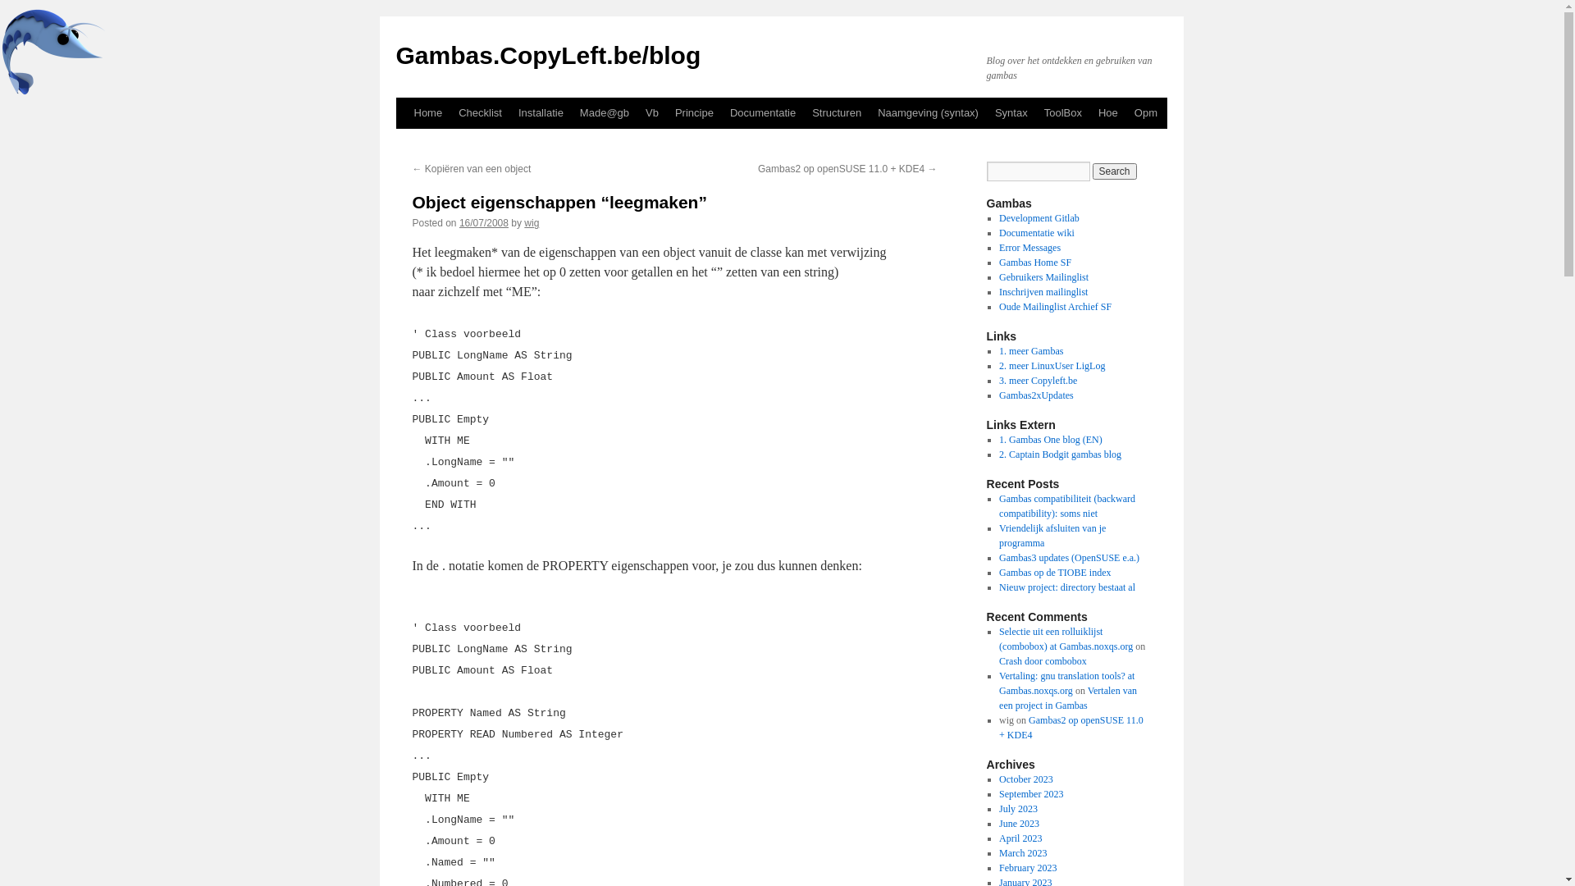 This screenshot has width=1575, height=886. What do you see at coordinates (998, 350) in the screenshot?
I see `'1. meer Gambas'` at bounding box center [998, 350].